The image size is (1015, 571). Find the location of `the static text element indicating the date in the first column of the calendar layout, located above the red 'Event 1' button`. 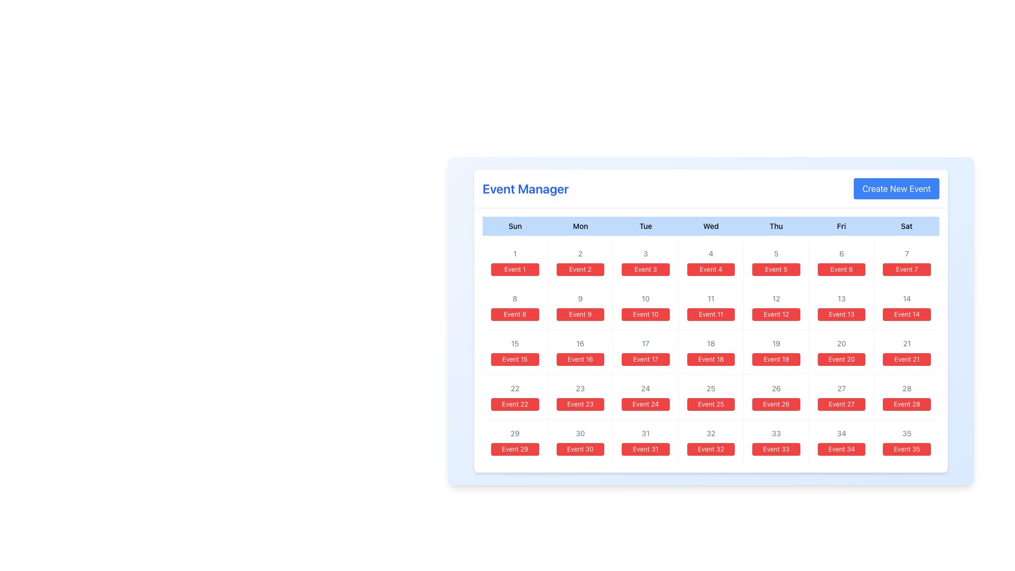

the static text element indicating the date in the first column of the calendar layout, located above the red 'Event 1' button is located at coordinates (515, 253).